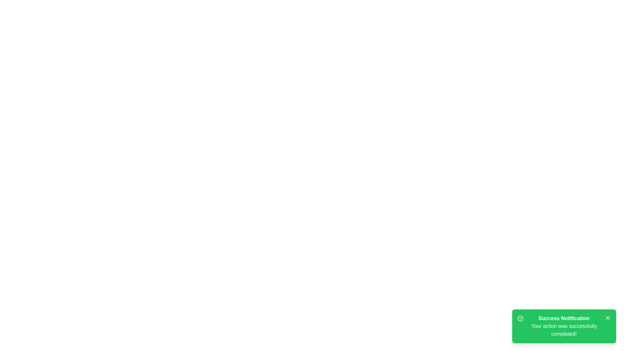 This screenshot has height=351, width=624. What do you see at coordinates (520, 318) in the screenshot?
I see `the notification icon to examine it` at bounding box center [520, 318].